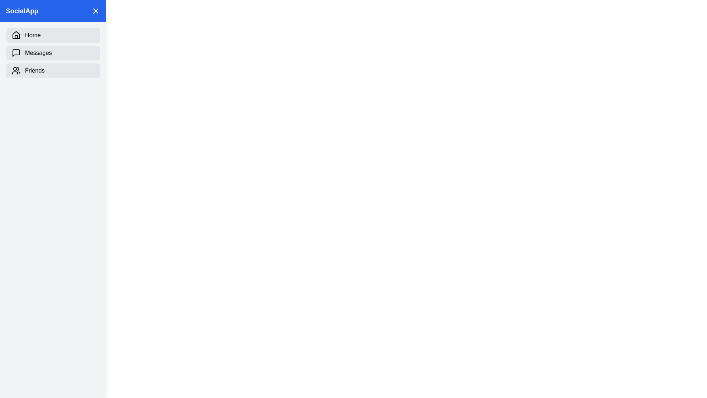 The image size is (707, 398). I want to click on the navigation item labeled Home in the sidebar to observe the hover effect, so click(53, 35).